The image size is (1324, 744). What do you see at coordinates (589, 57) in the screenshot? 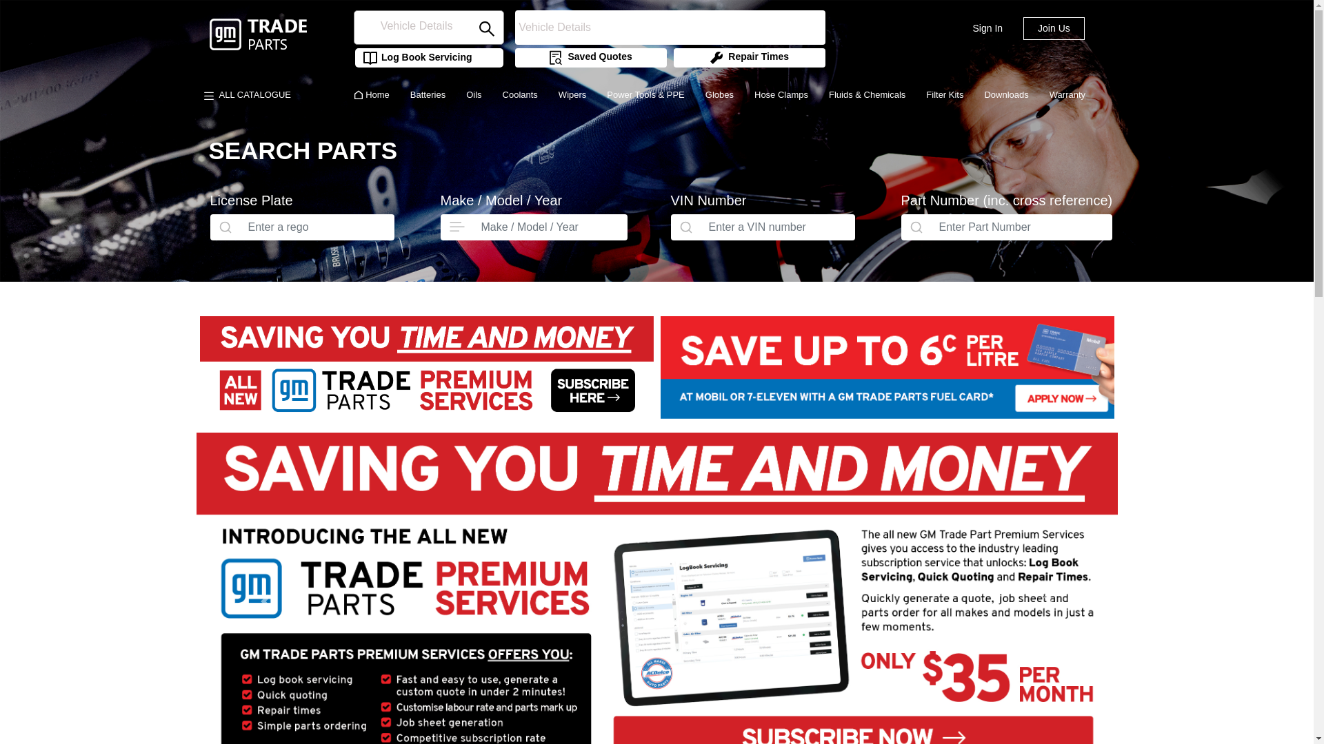
I see `'Saved Quotes'` at bounding box center [589, 57].